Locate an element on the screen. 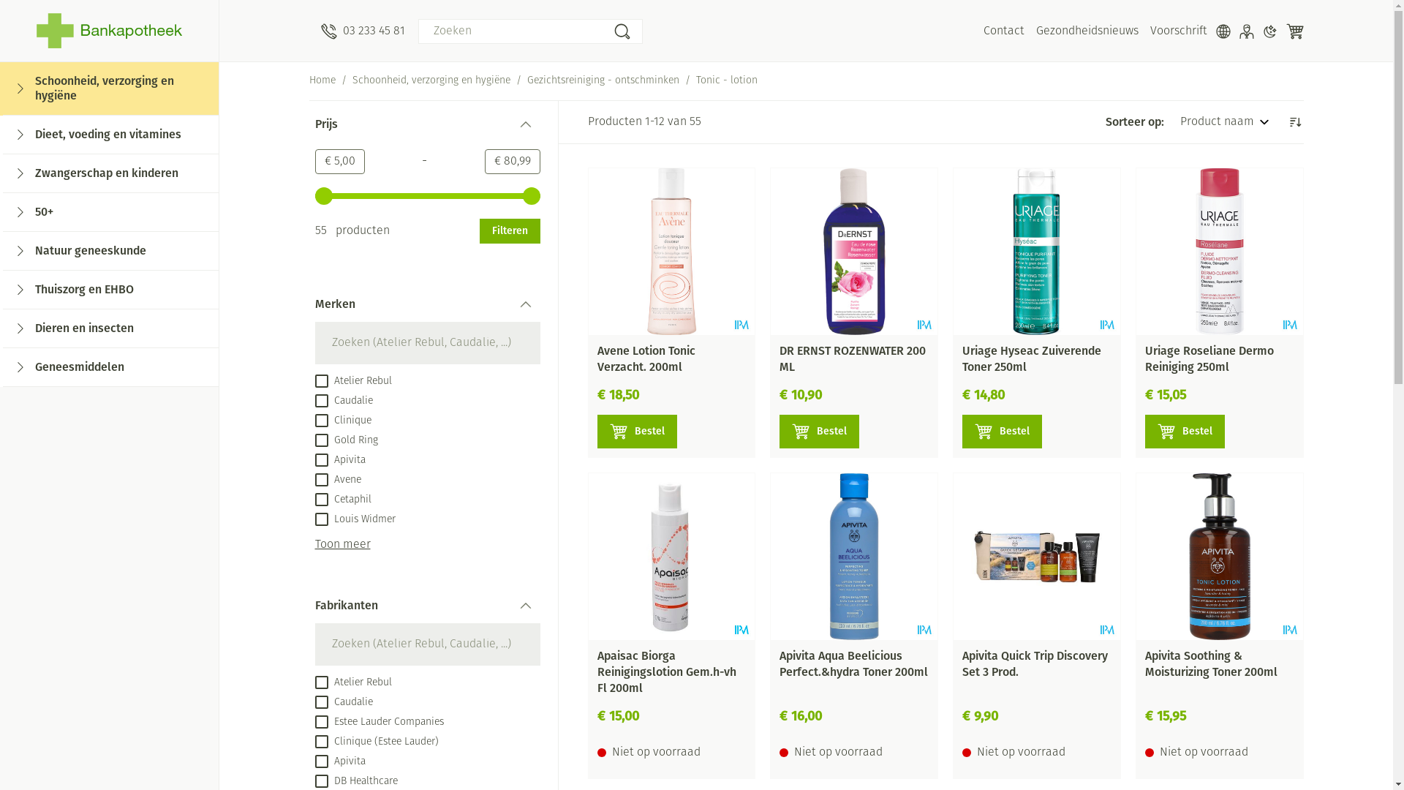 The width and height of the screenshot is (1404, 790). 'DB Healthcare' is located at coordinates (355, 780).